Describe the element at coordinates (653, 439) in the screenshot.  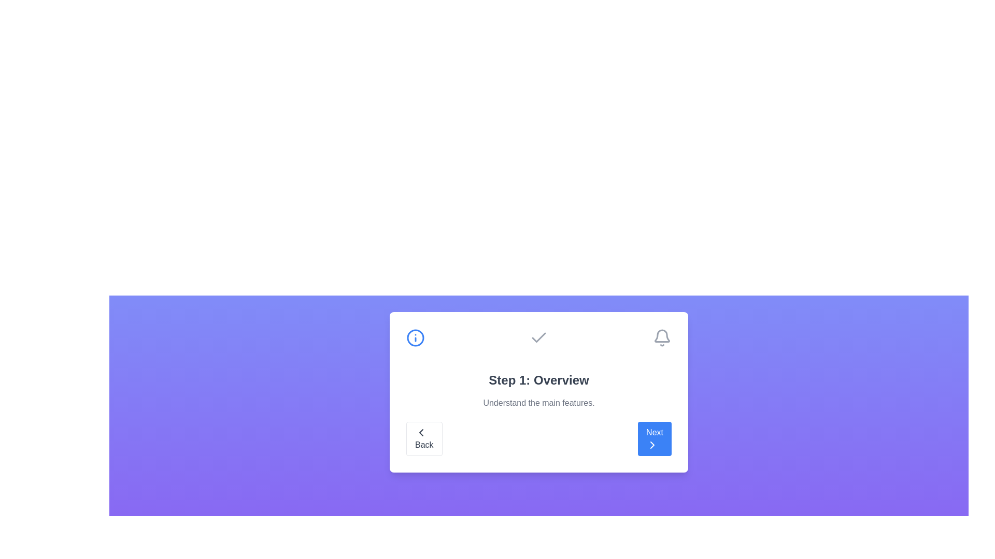
I see `the 'Next' button to proceed to the next step` at that location.